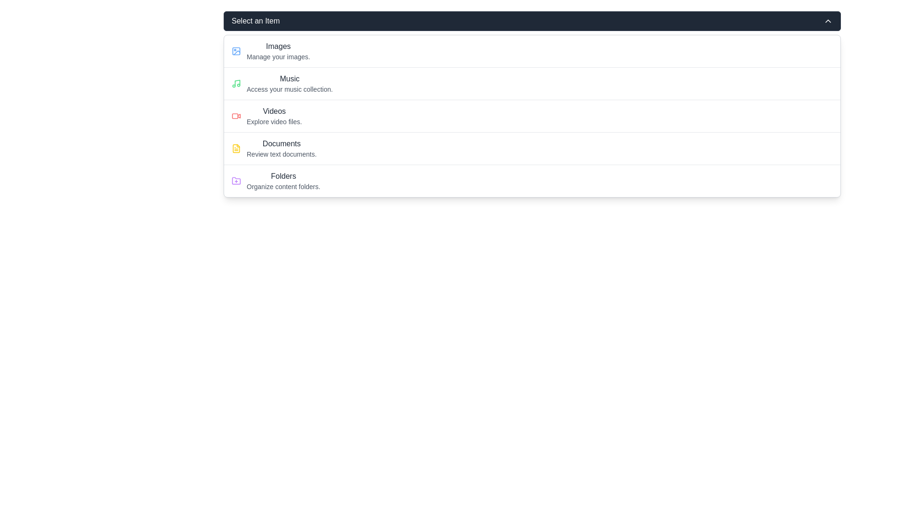 This screenshot has width=904, height=508. I want to click on the folder-shaped icon with a light purple outline and a plus sign, located in the bottom-most entry of the 'Folders' row in the left icon section, so click(236, 181).